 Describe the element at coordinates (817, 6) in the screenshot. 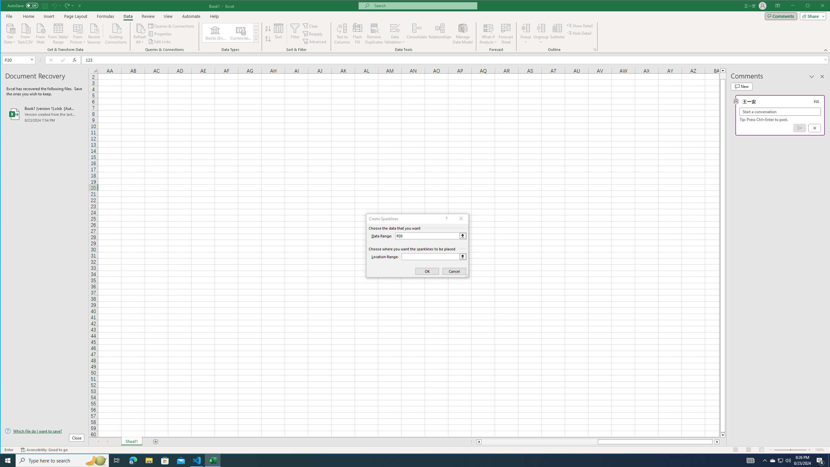

I see `'Maximize'` at that location.